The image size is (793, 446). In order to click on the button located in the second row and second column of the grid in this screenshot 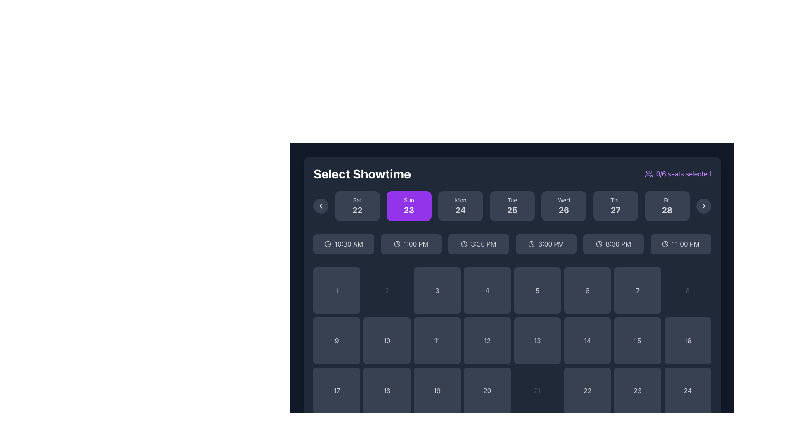, I will do `click(387, 341)`.